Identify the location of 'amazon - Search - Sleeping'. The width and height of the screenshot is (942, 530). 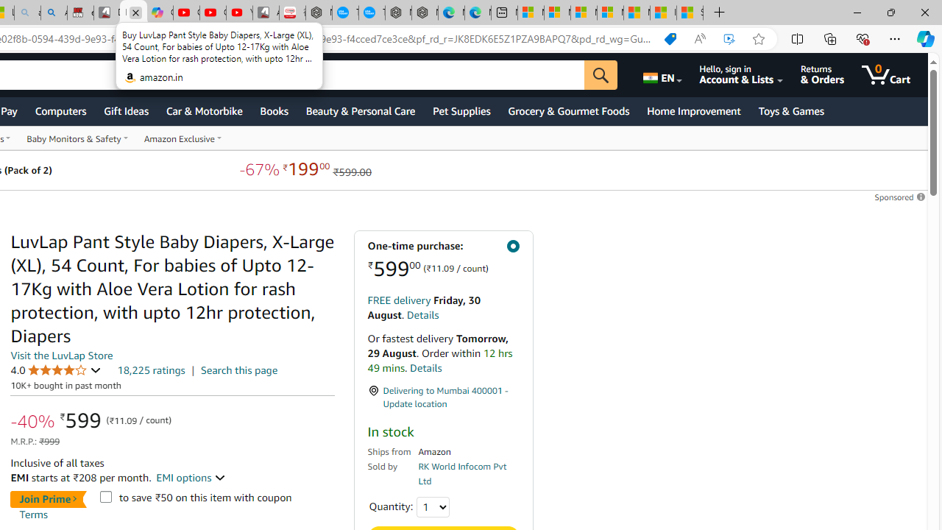
(27, 13).